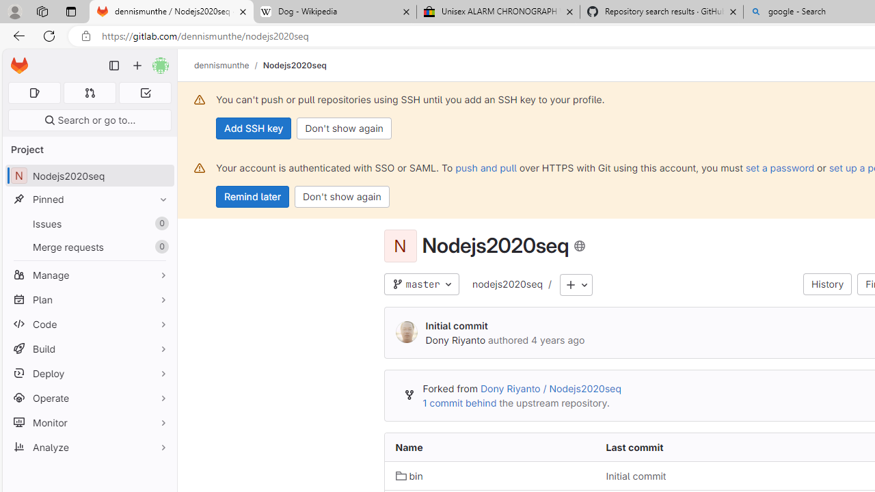 The height and width of the screenshot is (492, 875). What do you see at coordinates (145, 92) in the screenshot?
I see `'To-Do list 0'` at bounding box center [145, 92].